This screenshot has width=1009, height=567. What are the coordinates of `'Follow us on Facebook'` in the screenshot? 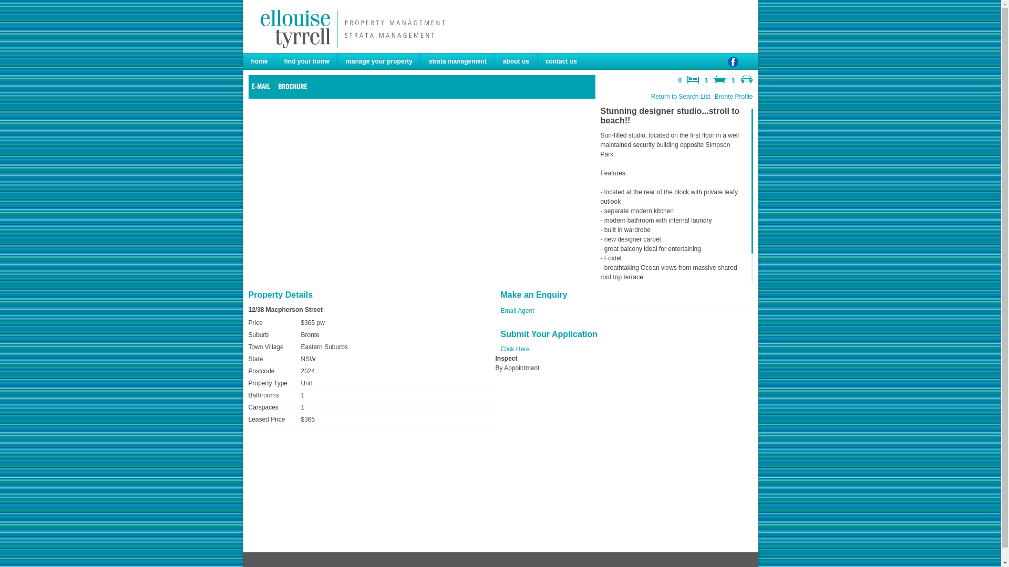 It's located at (732, 66).